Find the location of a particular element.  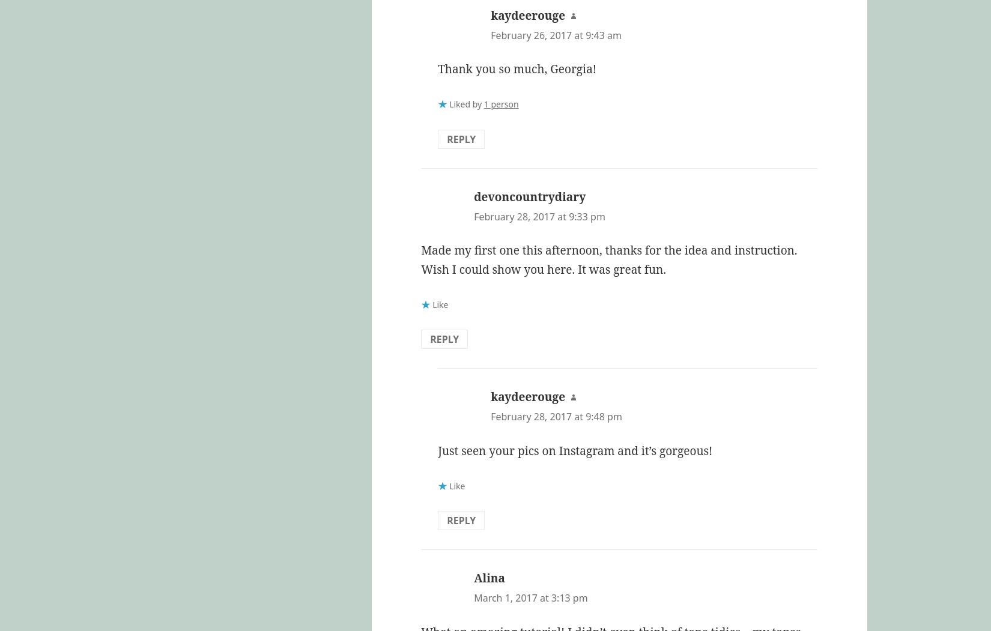

'Just seen your pics on Instagram and it’s gorgeous!' is located at coordinates (575, 450).